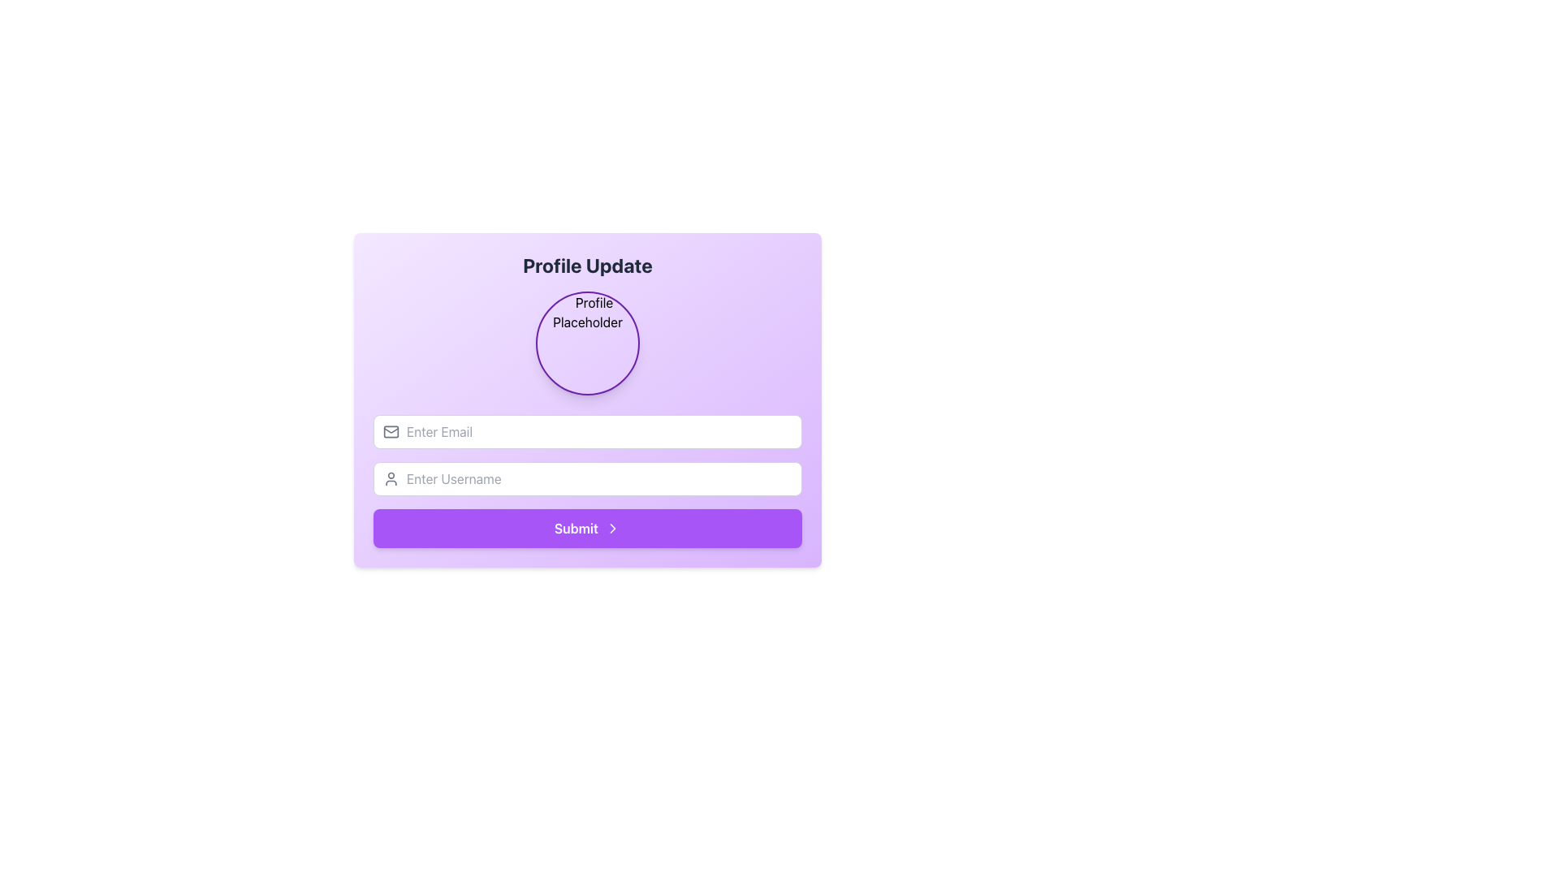  Describe the element at coordinates (391, 429) in the screenshot. I see `the decorative icon that visually represents the email input field, positioned to the far left of the input box` at that location.